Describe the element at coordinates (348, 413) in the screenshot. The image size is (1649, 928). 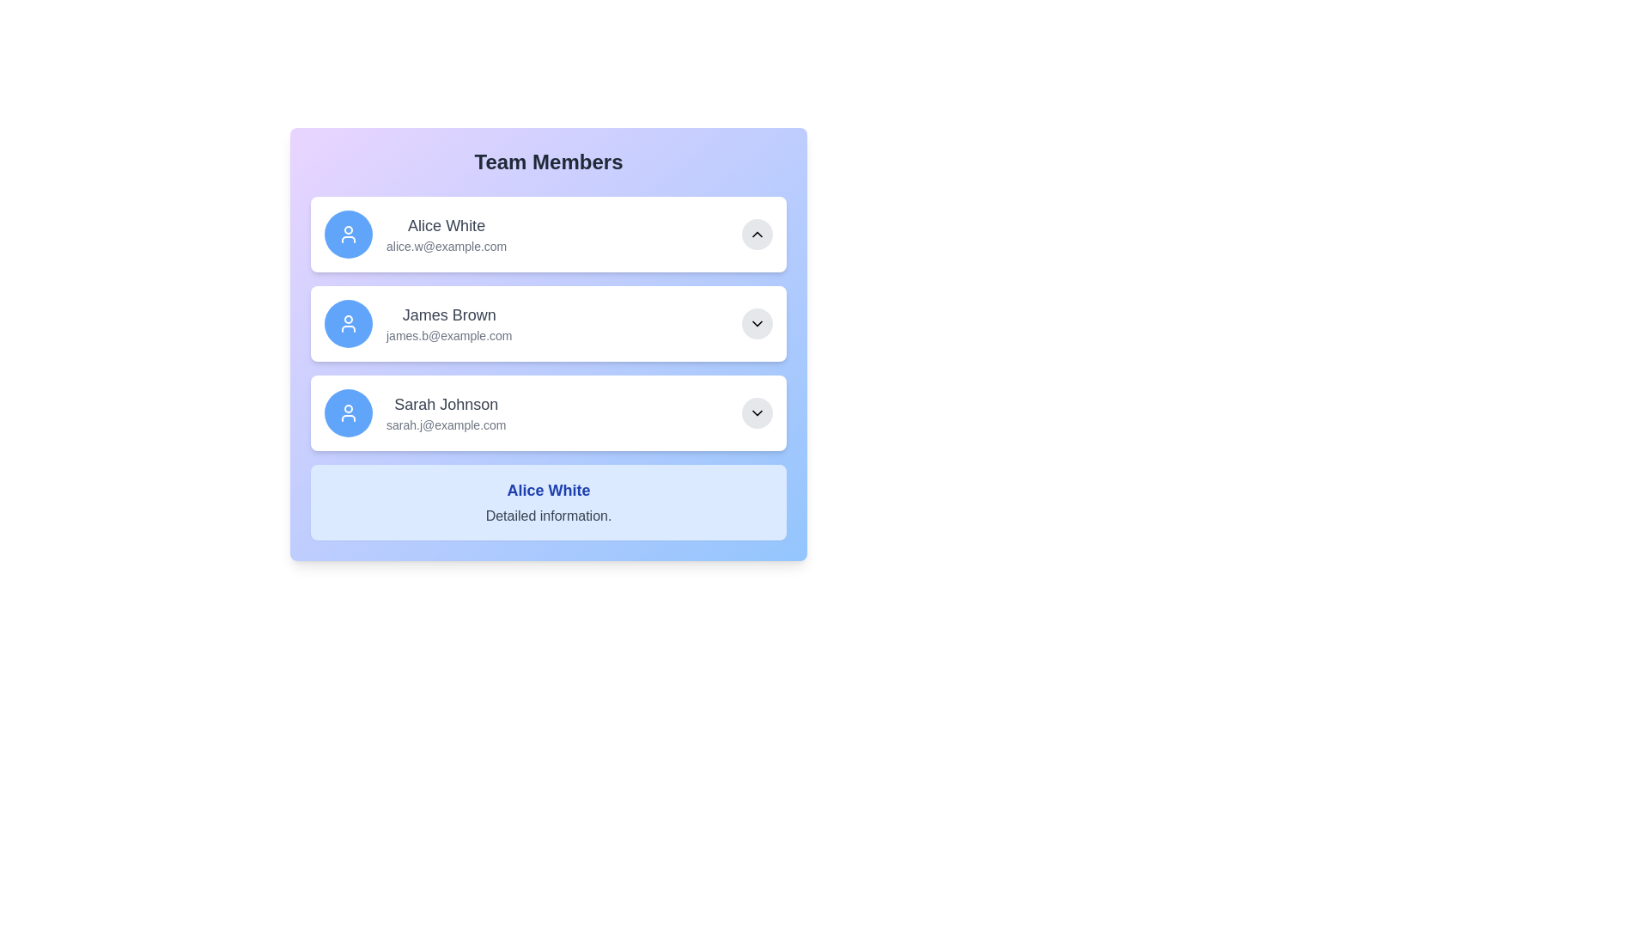
I see `the circular profile avatar with a blue background and white user icon, located to the left of the text block displaying 'Sarah Johnson' and 'sarah.j@example.com' in the 'Team Members' section` at that location.